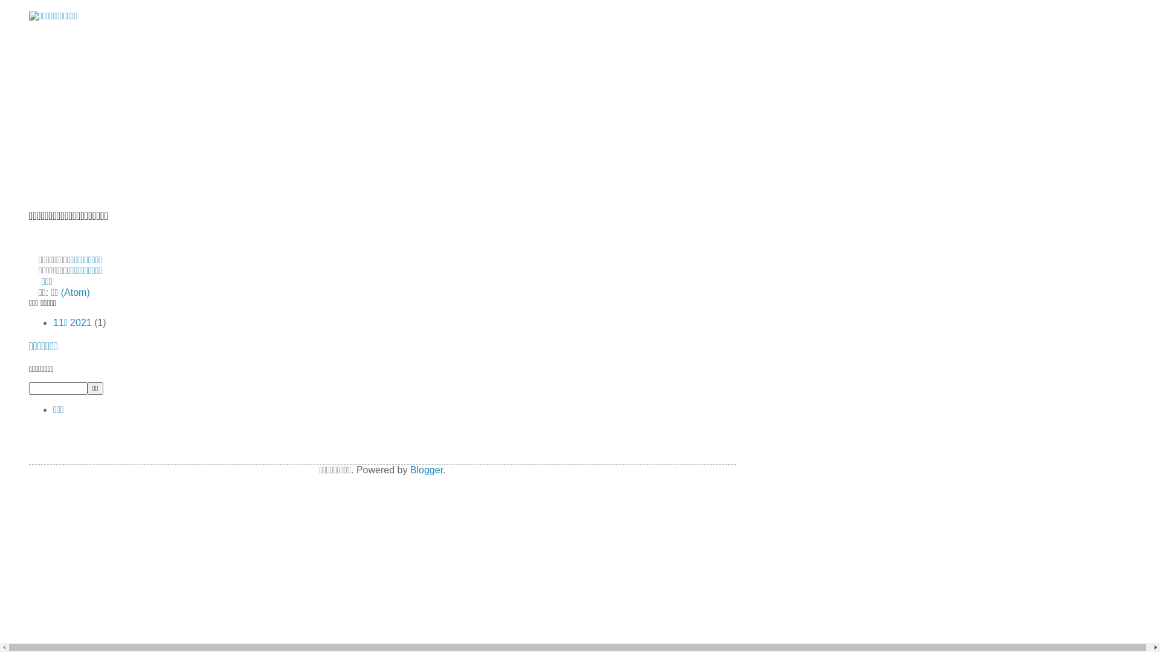 The width and height of the screenshot is (1160, 652). Describe the element at coordinates (57, 388) in the screenshot. I see `'search'` at that location.